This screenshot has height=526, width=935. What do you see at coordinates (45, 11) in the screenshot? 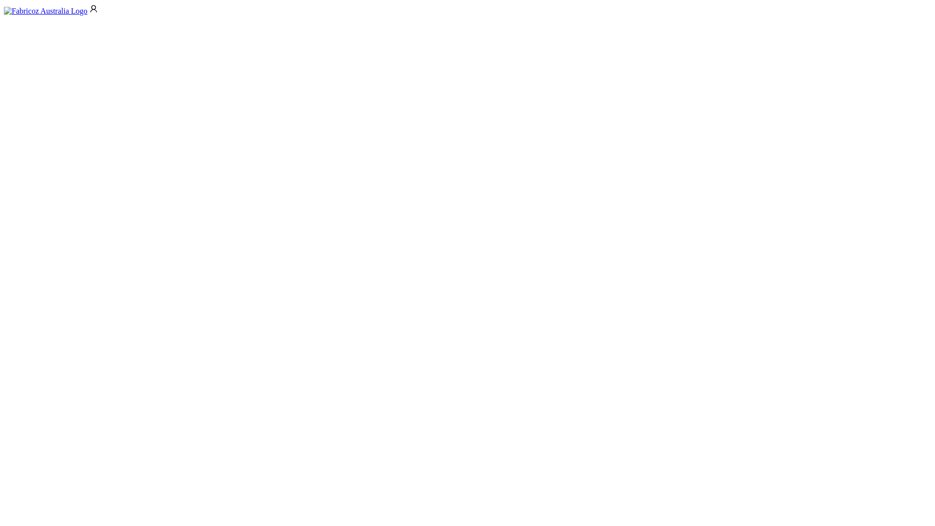
I see `'Fabricoz Australia'` at bounding box center [45, 11].